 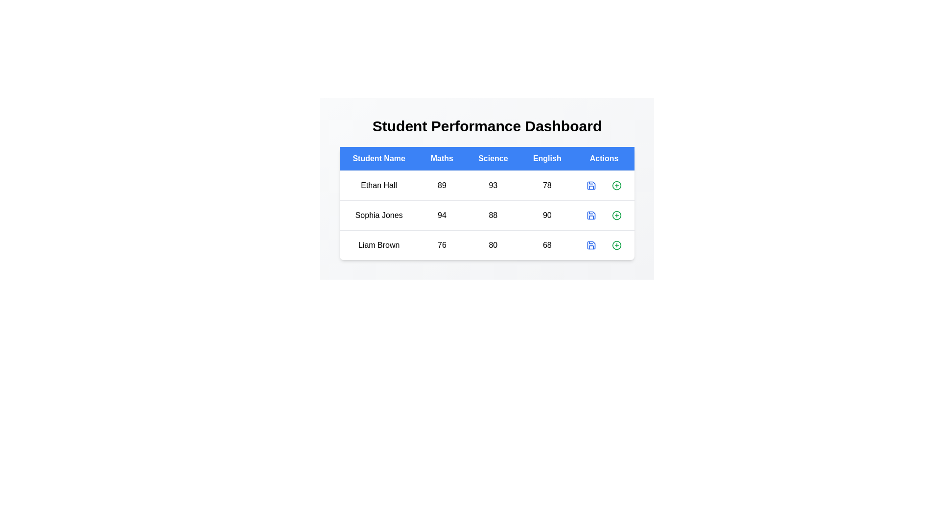 What do you see at coordinates (378, 158) in the screenshot?
I see `the table header to sort the column in ascending order` at bounding box center [378, 158].